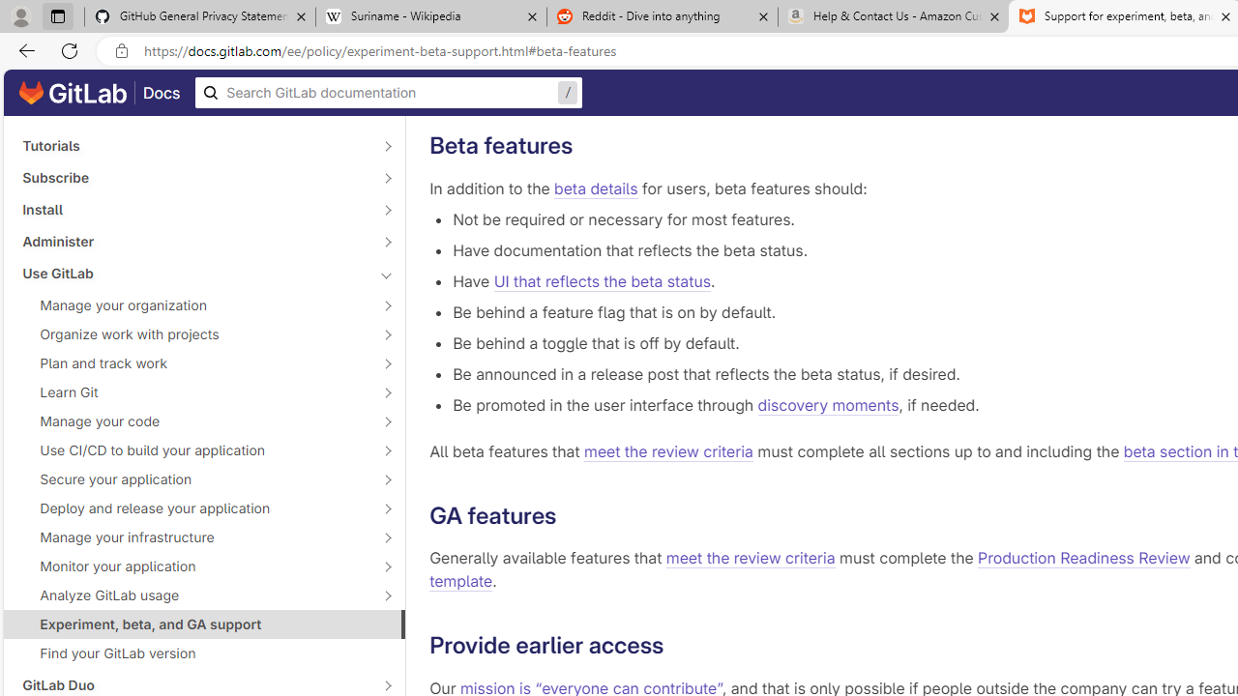  What do you see at coordinates (193, 273) in the screenshot?
I see `'Use GitLab'` at bounding box center [193, 273].